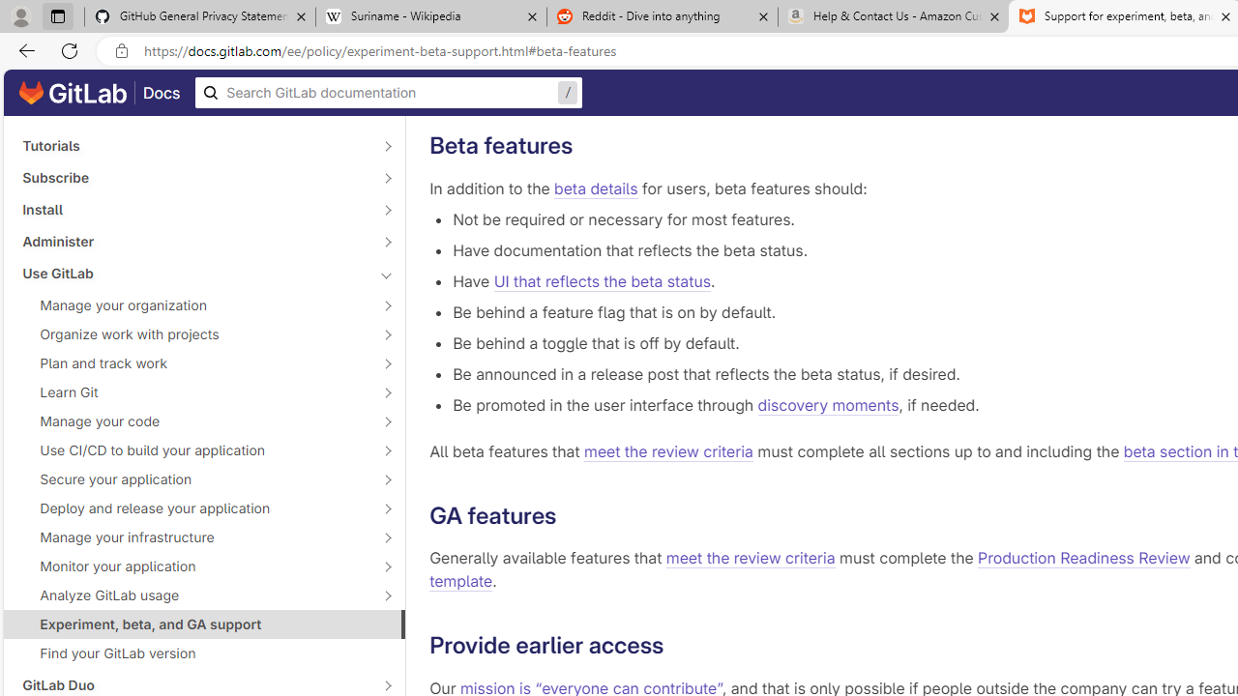  What do you see at coordinates (193, 273) in the screenshot?
I see `'Use GitLab'` at bounding box center [193, 273].